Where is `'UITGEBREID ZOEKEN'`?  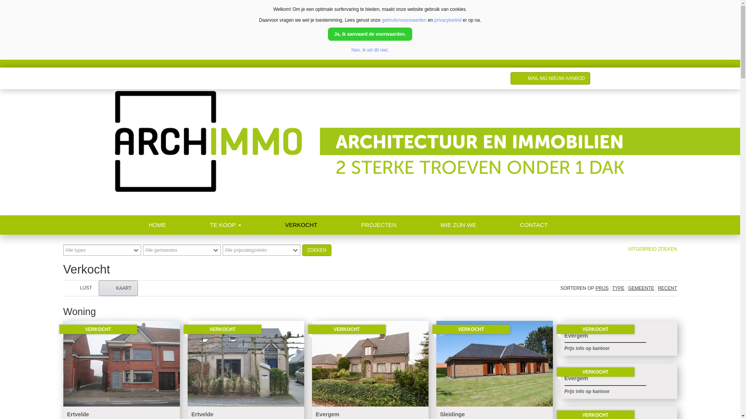 'UITGEBREID ZOEKEN' is located at coordinates (628, 249).